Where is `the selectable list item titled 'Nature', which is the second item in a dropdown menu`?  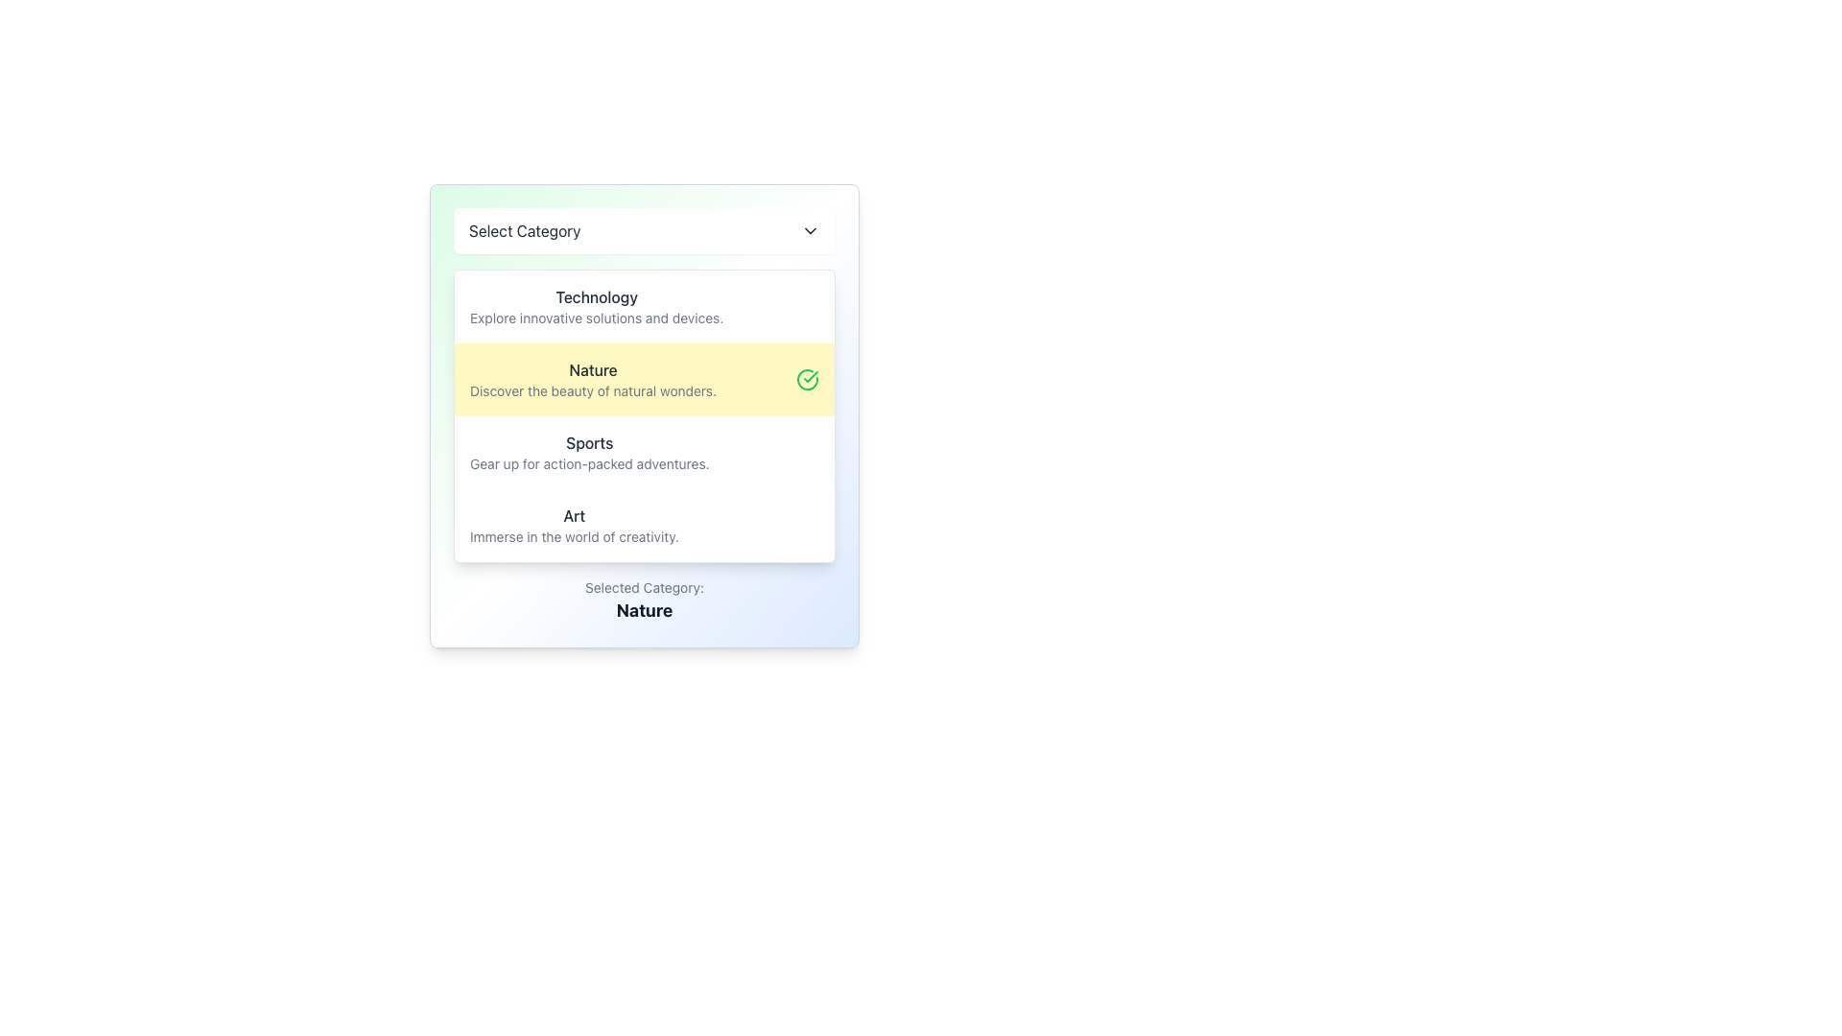 the selectable list item titled 'Nature', which is the second item in a dropdown menu is located at coordinates (645, 415).